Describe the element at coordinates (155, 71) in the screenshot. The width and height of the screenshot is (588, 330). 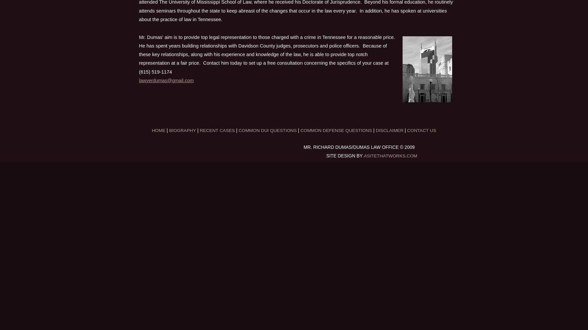
I see `'(615) 519-1174'` at that location.